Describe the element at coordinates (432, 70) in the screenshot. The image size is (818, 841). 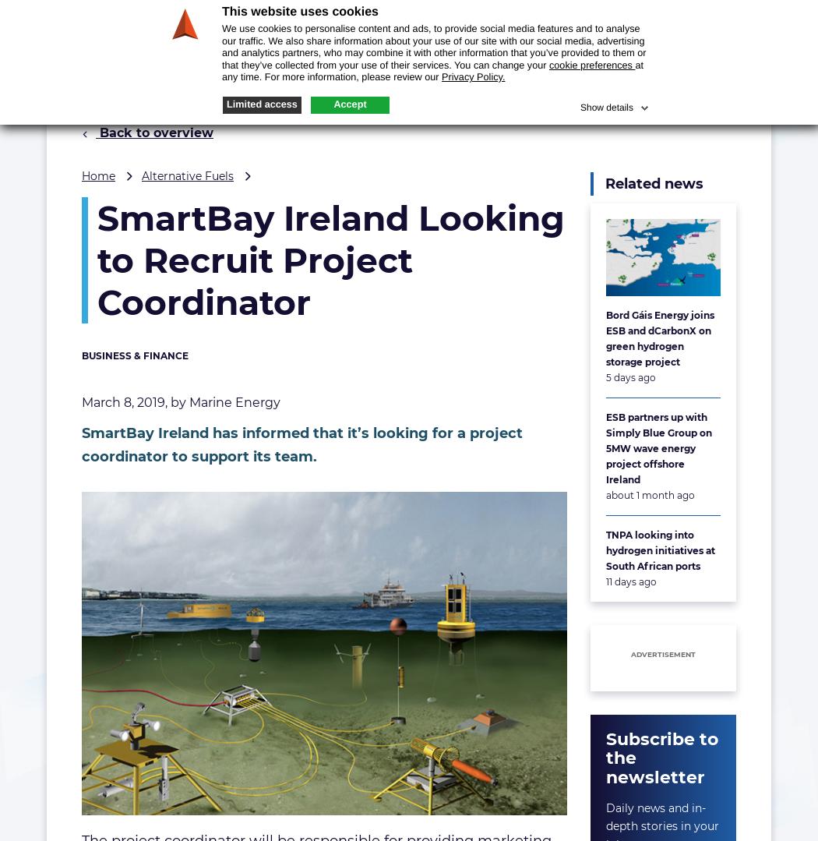
I see `'at any time. For more information, please review our'` at that location.